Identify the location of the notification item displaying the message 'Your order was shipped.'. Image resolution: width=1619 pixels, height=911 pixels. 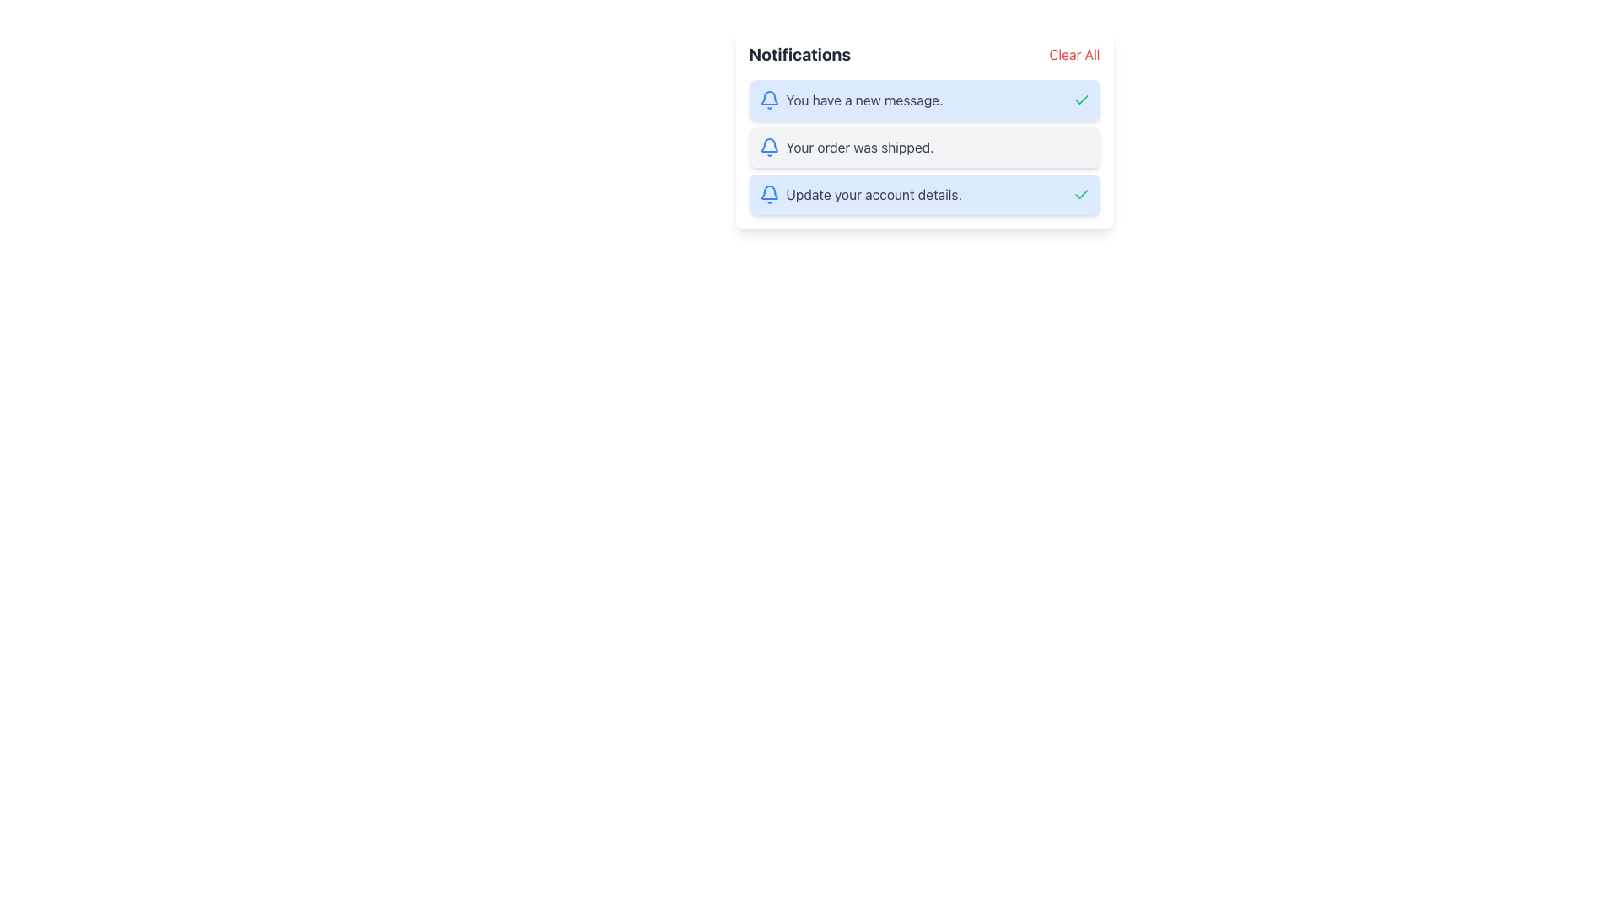
(923, 128).